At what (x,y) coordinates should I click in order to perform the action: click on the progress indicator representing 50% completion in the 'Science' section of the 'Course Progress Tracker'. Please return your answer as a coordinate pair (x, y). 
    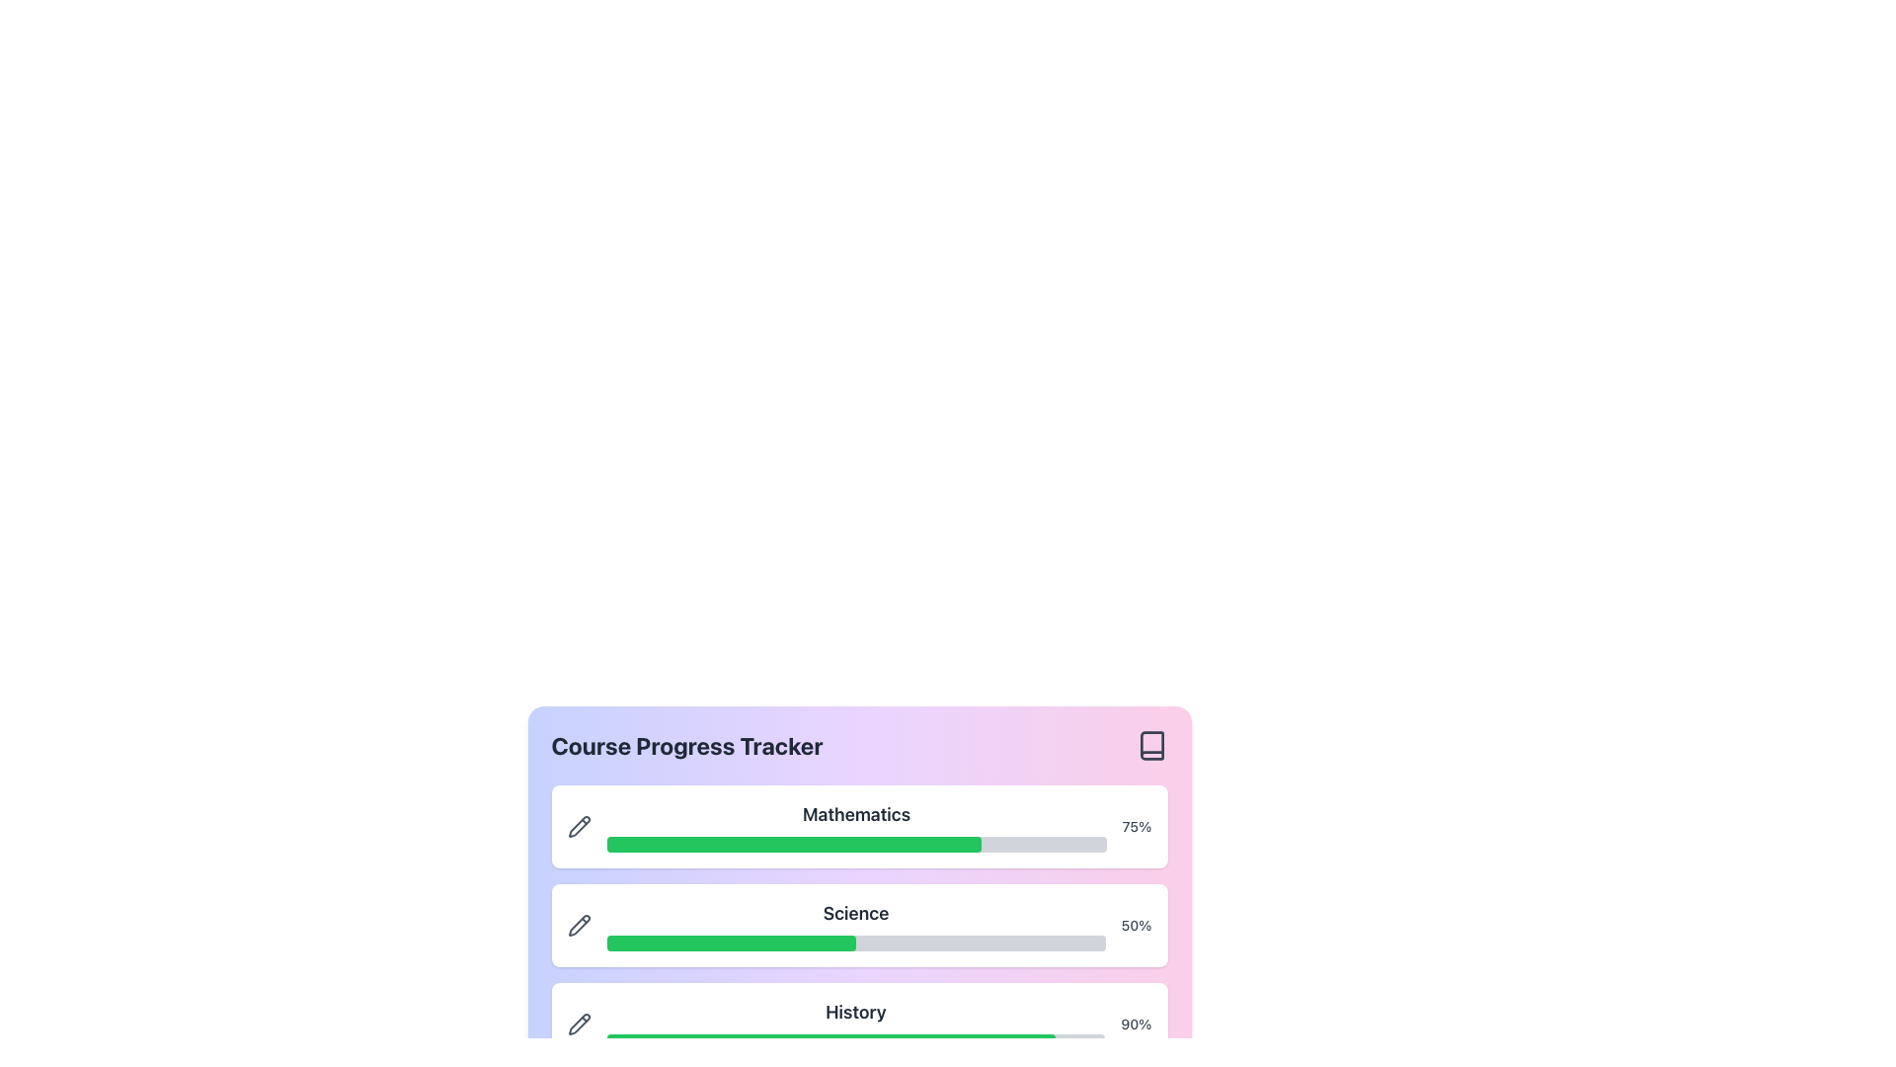
    Looking at the image, I should click on (730, 943).